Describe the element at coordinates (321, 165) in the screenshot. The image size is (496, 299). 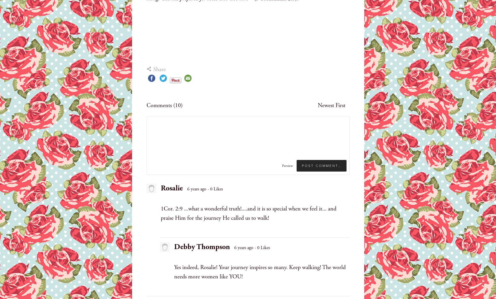
I see `'Post Comment…'` at that location.